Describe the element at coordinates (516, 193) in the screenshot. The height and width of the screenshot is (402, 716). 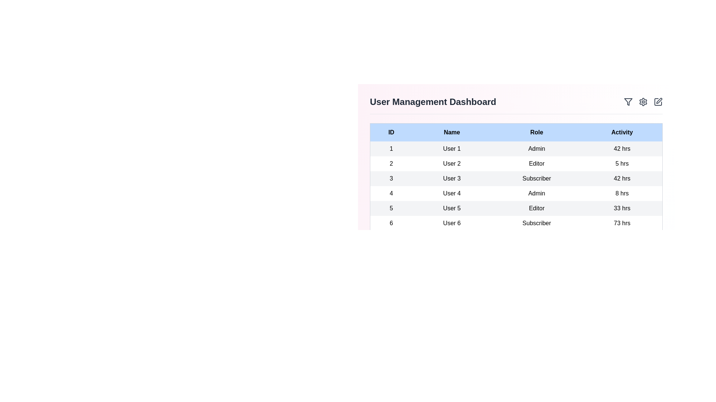
I see `the row corresponding to user ID 4` at that location.